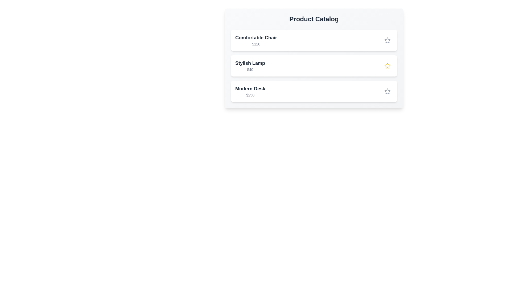  Describe the element at coordinates (314, 65) in the screenshot. I see `the product Stylish Lamp in the catalog for inspection` at that location.